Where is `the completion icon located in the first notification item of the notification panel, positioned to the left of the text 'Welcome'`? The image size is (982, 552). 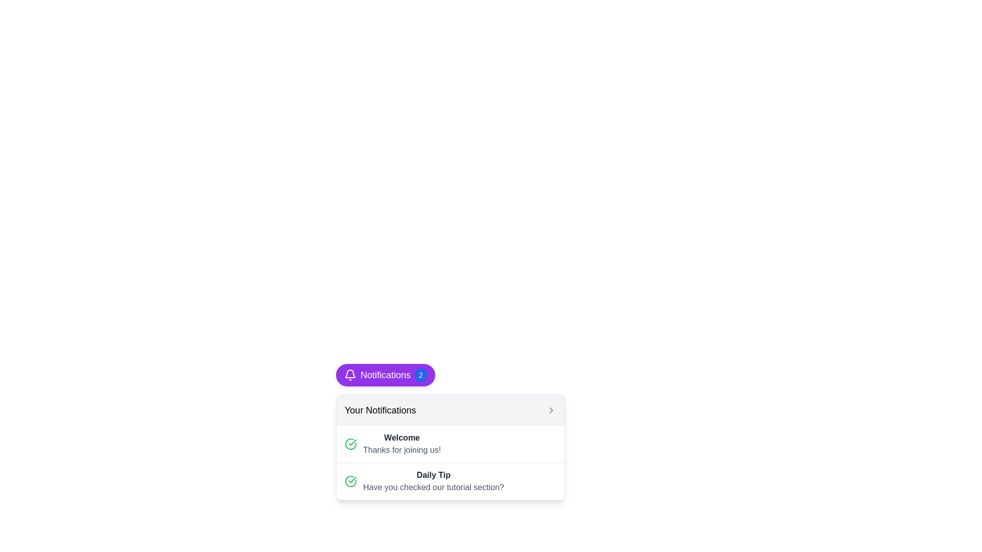 the completion icon located in the first notification item of the notification panel, positioned to the left of the text 'Welcome' is located at coordinates (351, 443).